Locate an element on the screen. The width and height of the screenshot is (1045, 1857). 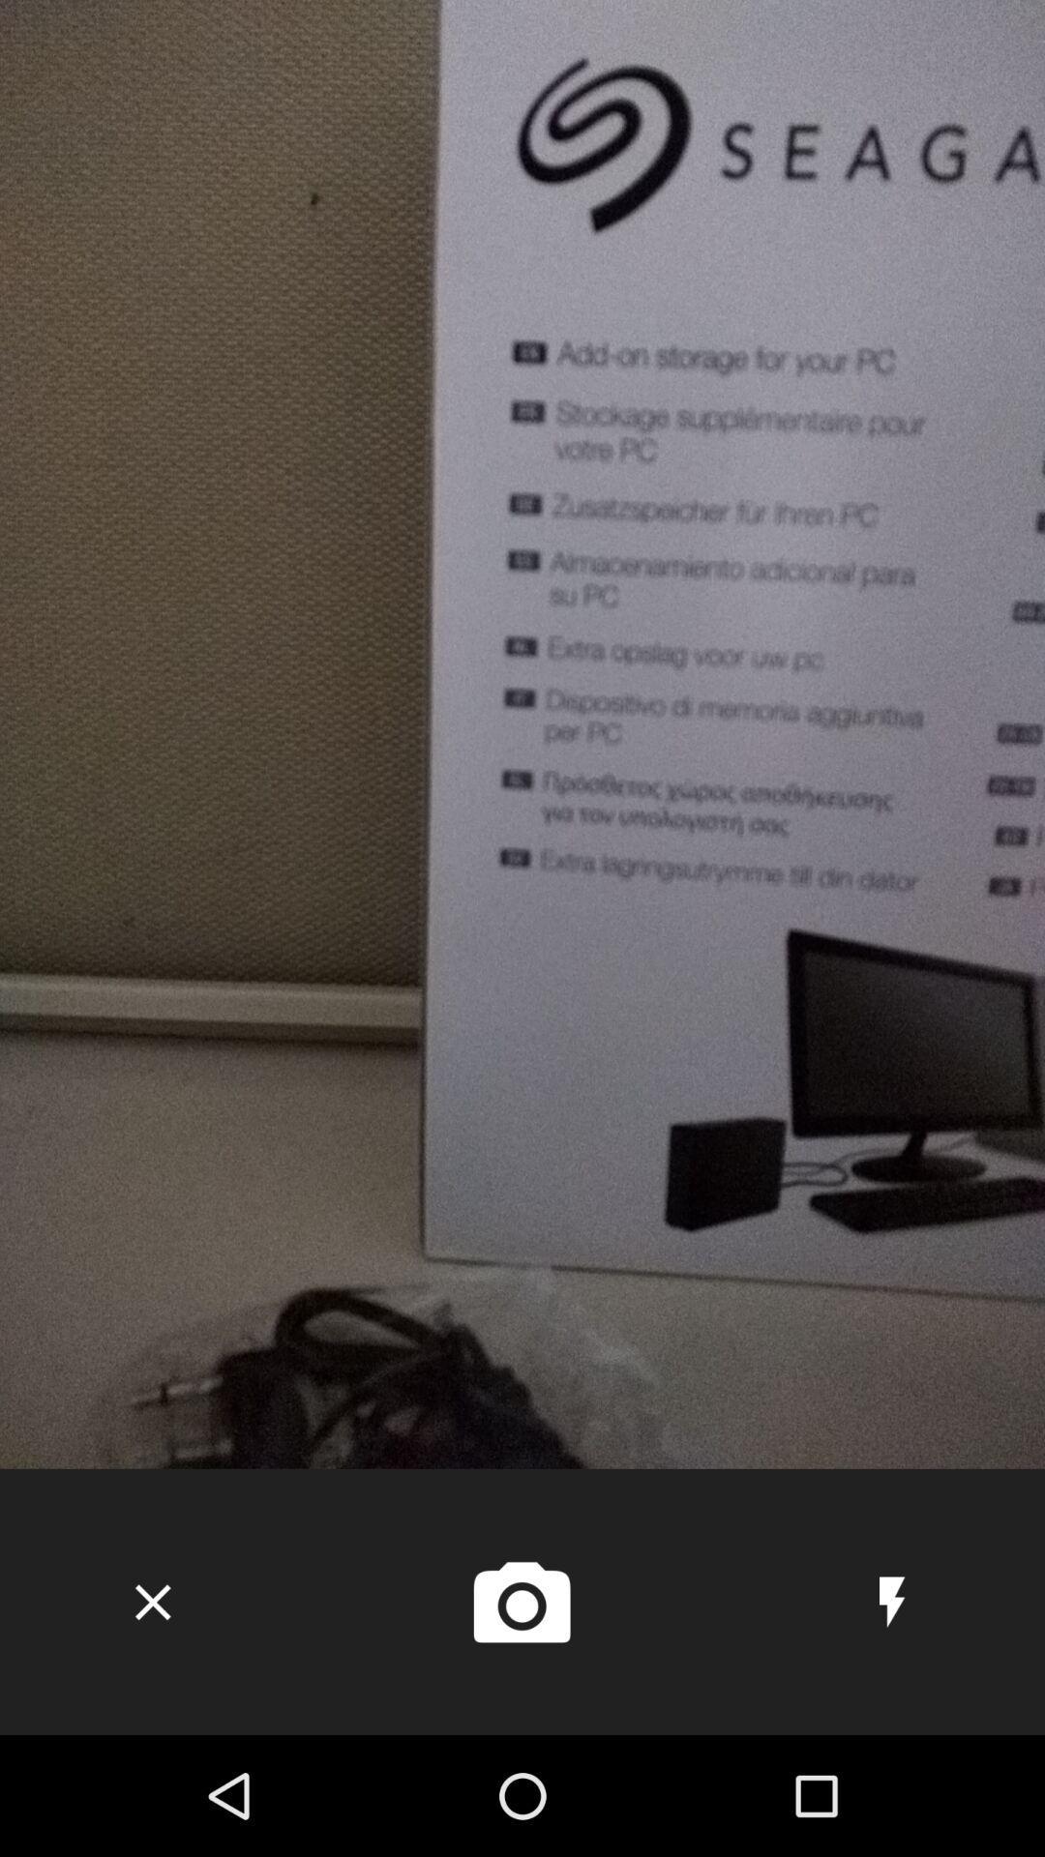
the icon at the center is located at coordinates (522, 733).